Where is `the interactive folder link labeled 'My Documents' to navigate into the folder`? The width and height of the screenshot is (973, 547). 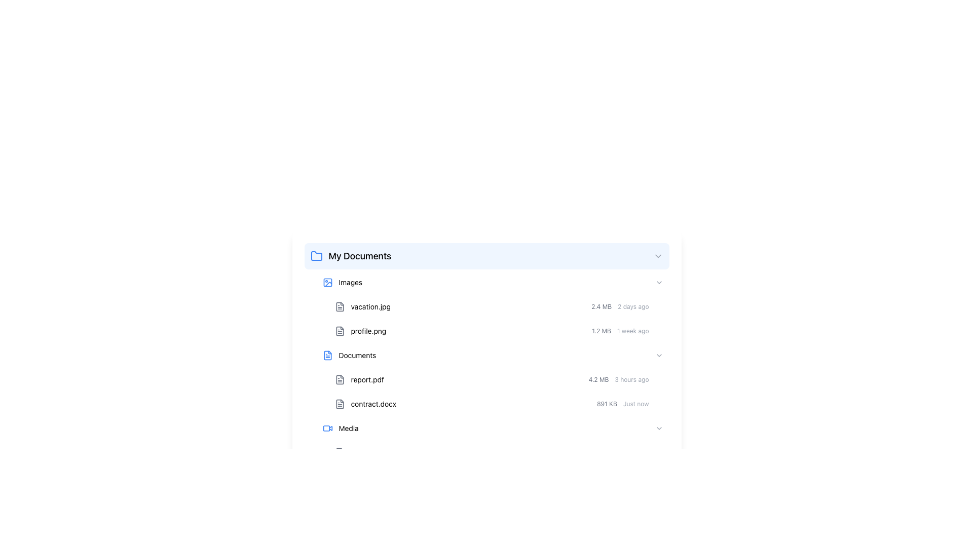 the interactive folder link labeled 'My Documents' to navigate into the folder is located at coordinates (351, 255).